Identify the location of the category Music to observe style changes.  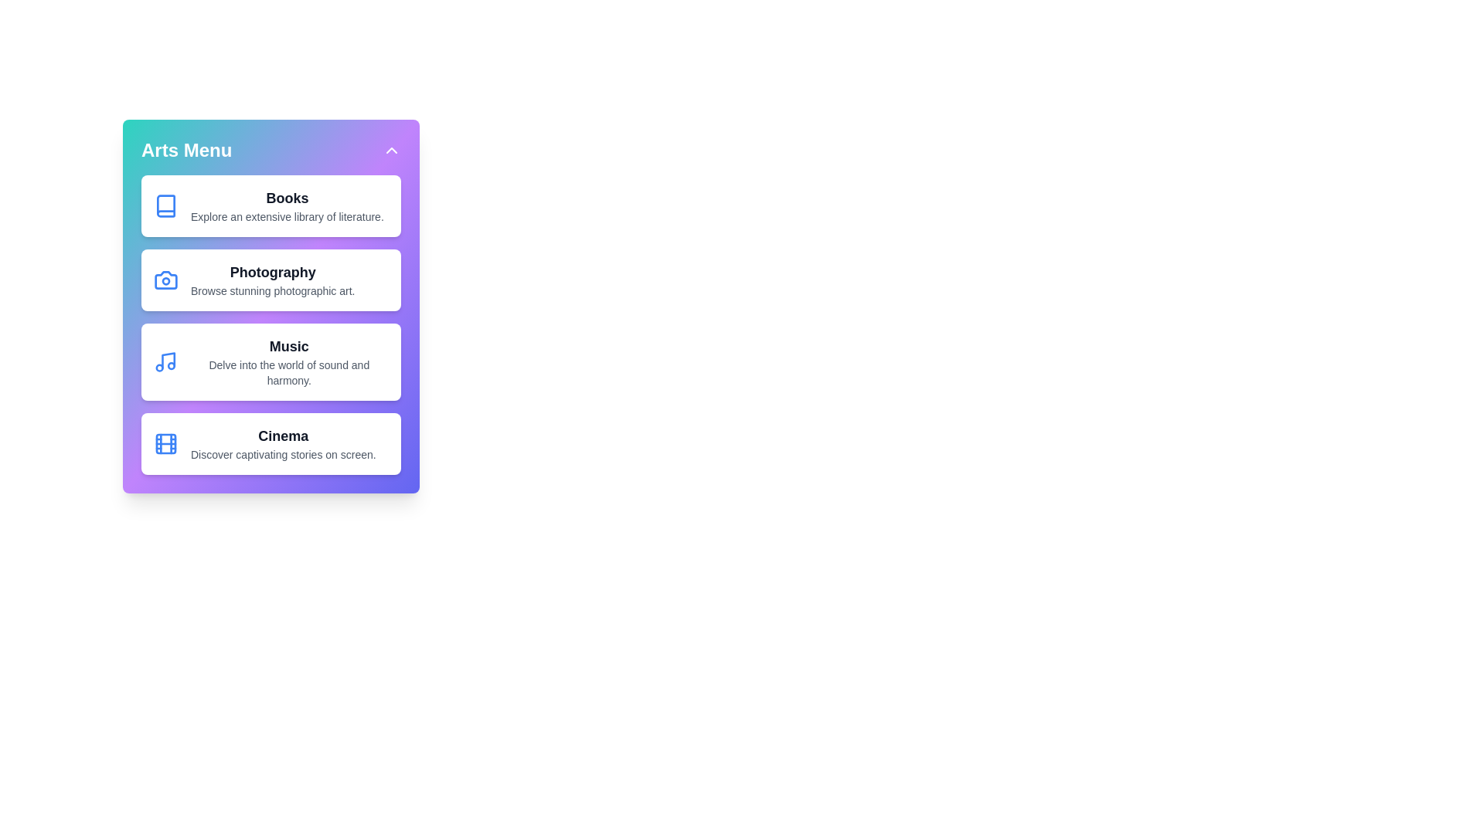
(271, 362).